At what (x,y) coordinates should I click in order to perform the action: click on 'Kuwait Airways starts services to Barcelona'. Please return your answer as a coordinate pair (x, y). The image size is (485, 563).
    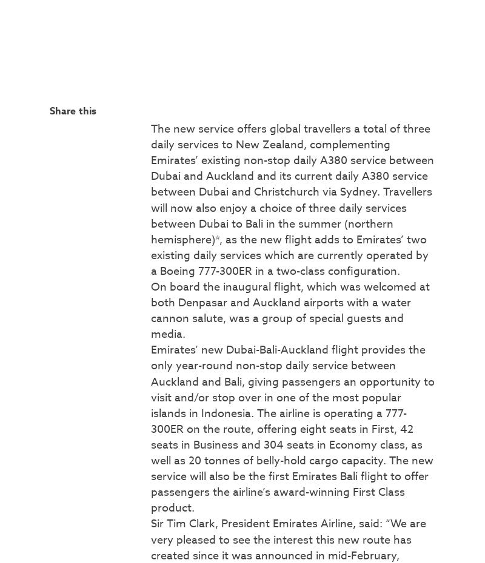
    Looking at the image, I should click on (353, 236).